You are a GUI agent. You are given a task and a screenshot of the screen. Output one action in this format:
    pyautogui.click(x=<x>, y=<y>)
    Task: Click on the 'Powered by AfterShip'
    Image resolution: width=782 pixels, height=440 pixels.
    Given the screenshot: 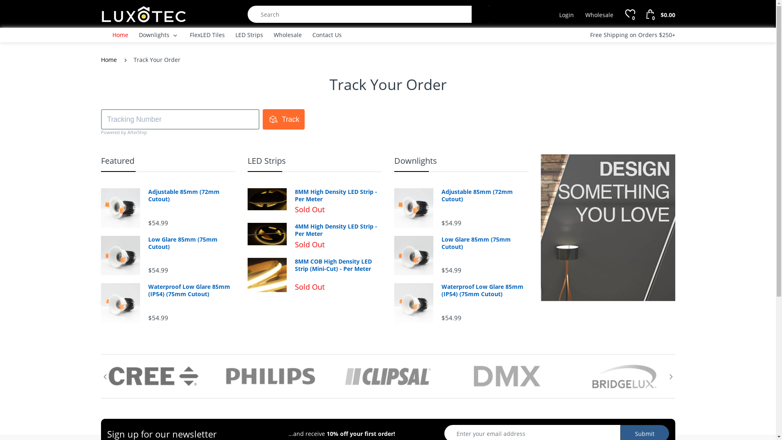 What is the action you would take?
    pyautogui.click(x=123, y=132)
    